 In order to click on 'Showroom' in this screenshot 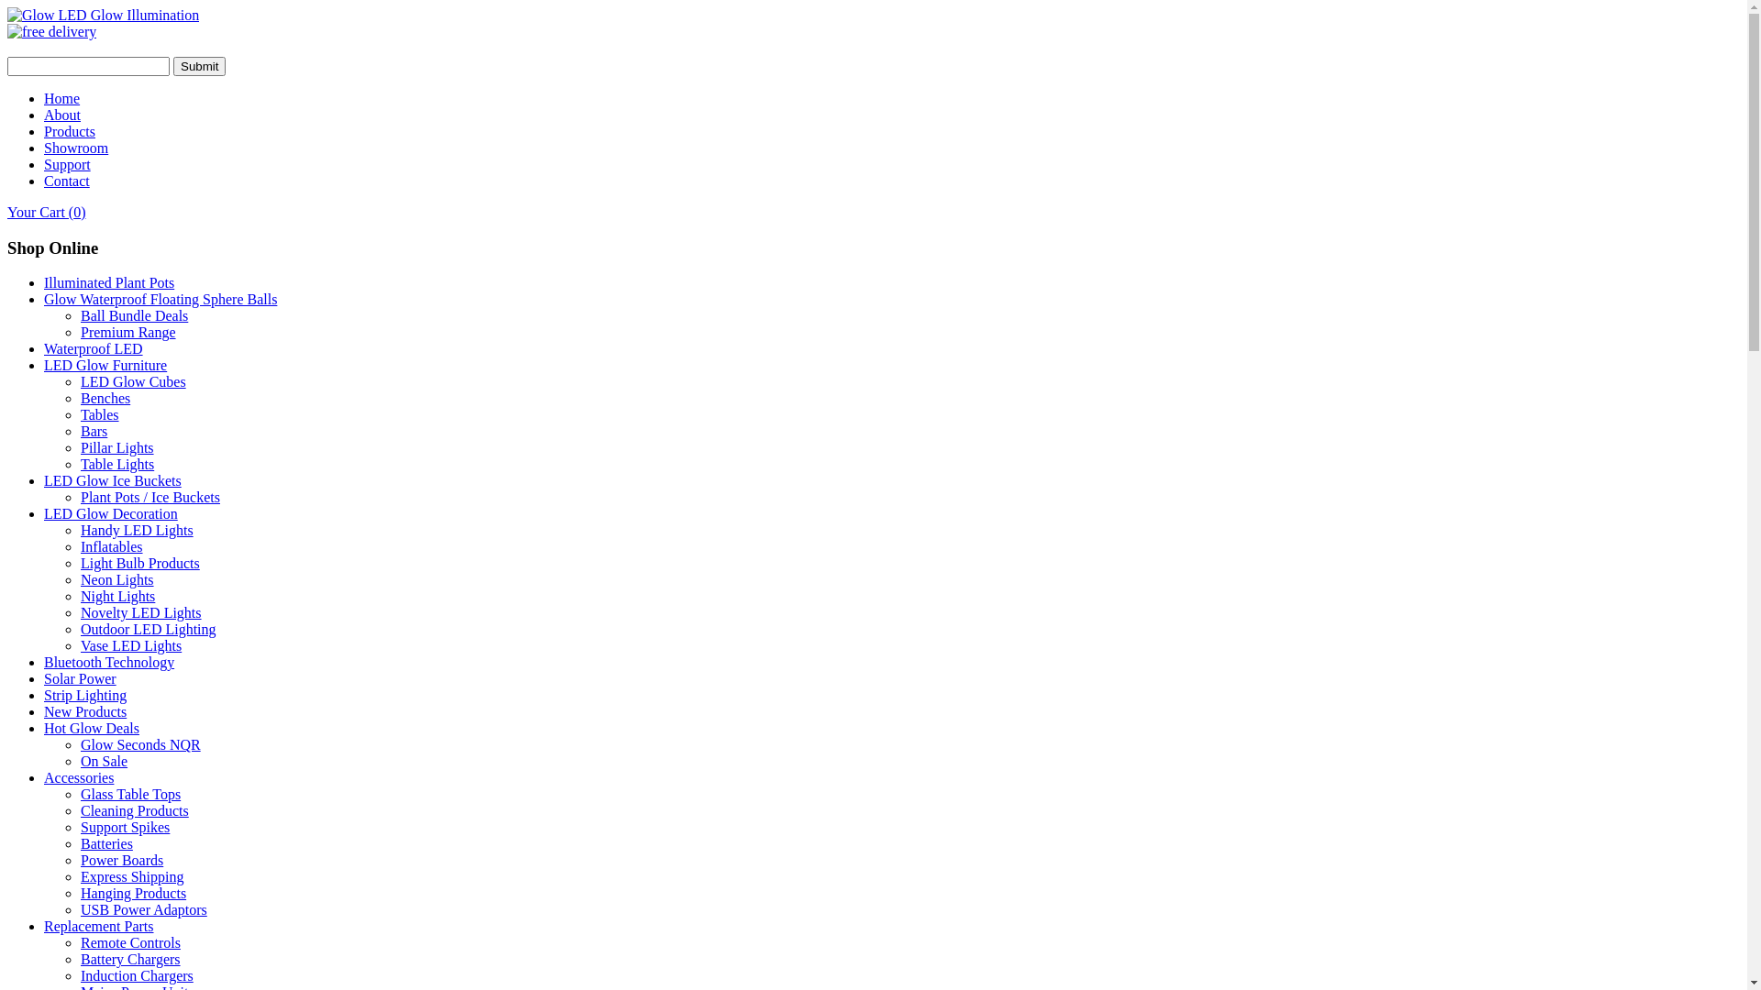, I will do `click(44, 147)`.